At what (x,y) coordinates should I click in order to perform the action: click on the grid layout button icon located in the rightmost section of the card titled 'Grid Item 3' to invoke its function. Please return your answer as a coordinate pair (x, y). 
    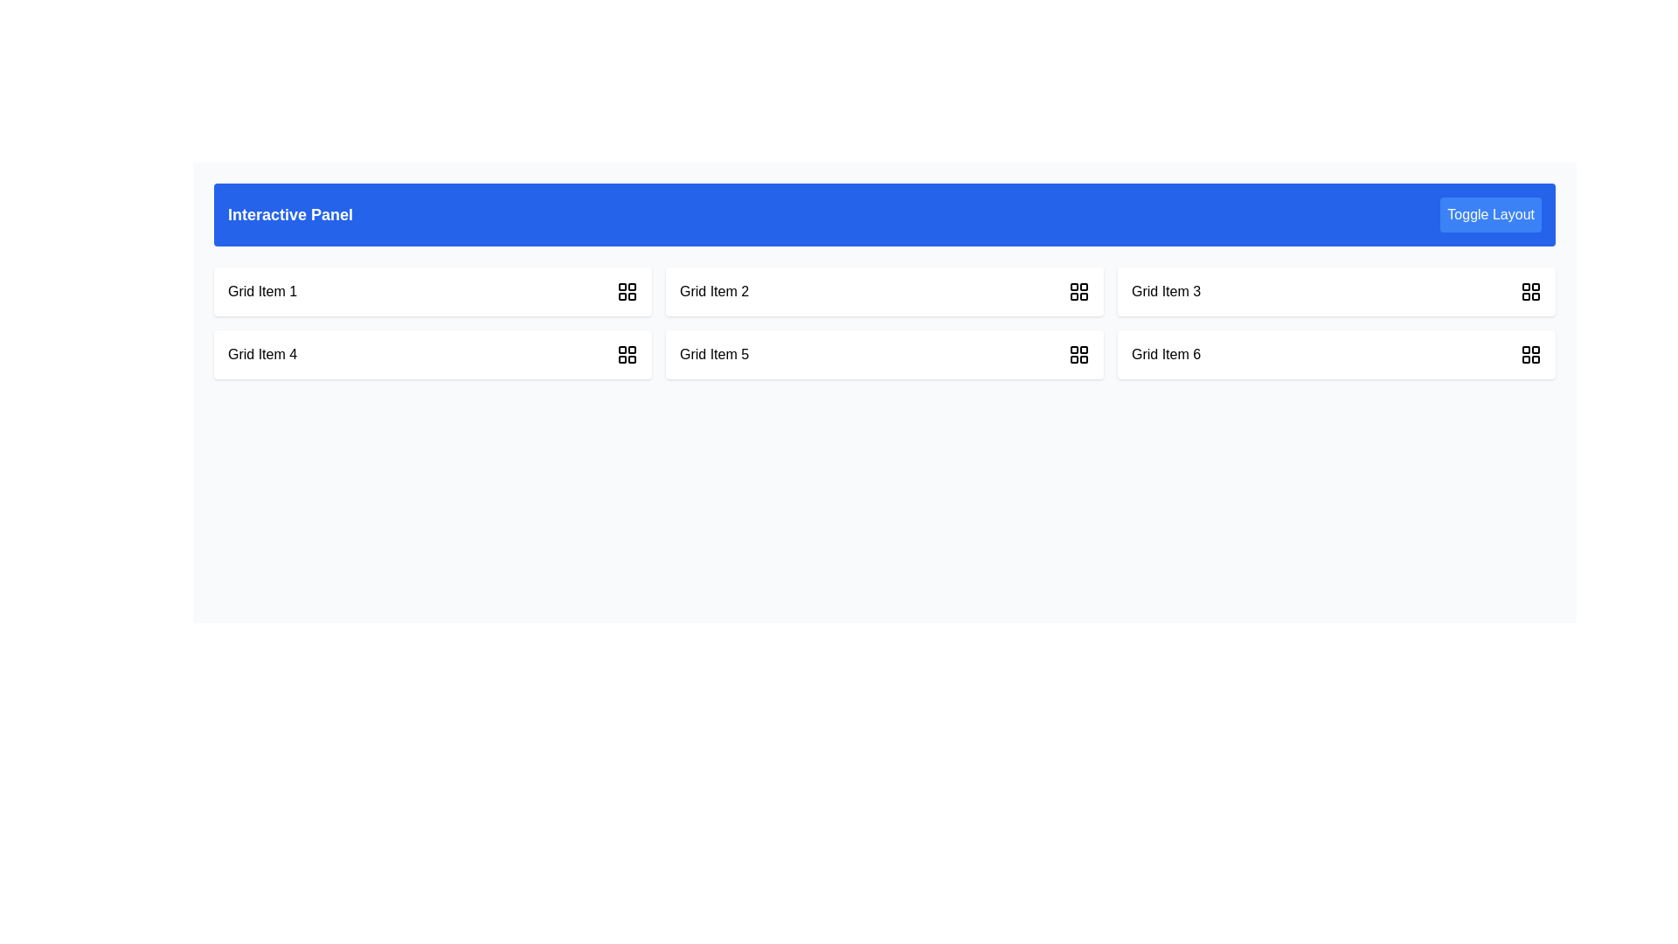
    Looking at the image, I should click on (1530, 291).